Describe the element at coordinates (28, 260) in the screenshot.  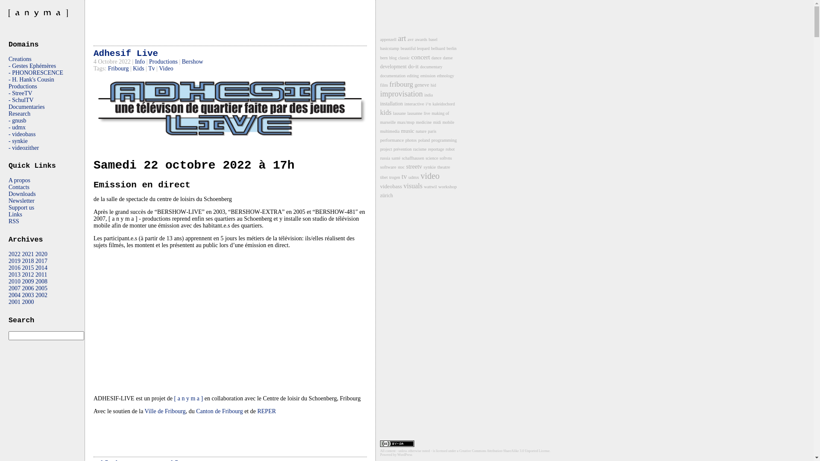
I see `'2018'` at that location.